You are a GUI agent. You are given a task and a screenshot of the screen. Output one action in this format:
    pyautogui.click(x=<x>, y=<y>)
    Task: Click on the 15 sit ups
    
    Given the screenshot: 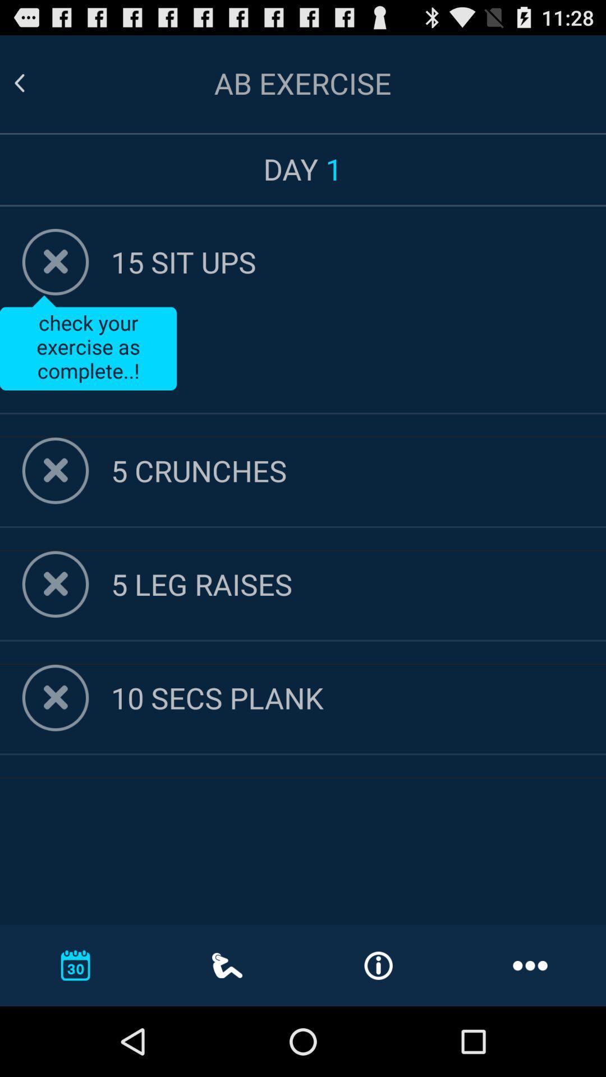 What is the action you would take?
    pyautogui.click(x=359, y=261)
    